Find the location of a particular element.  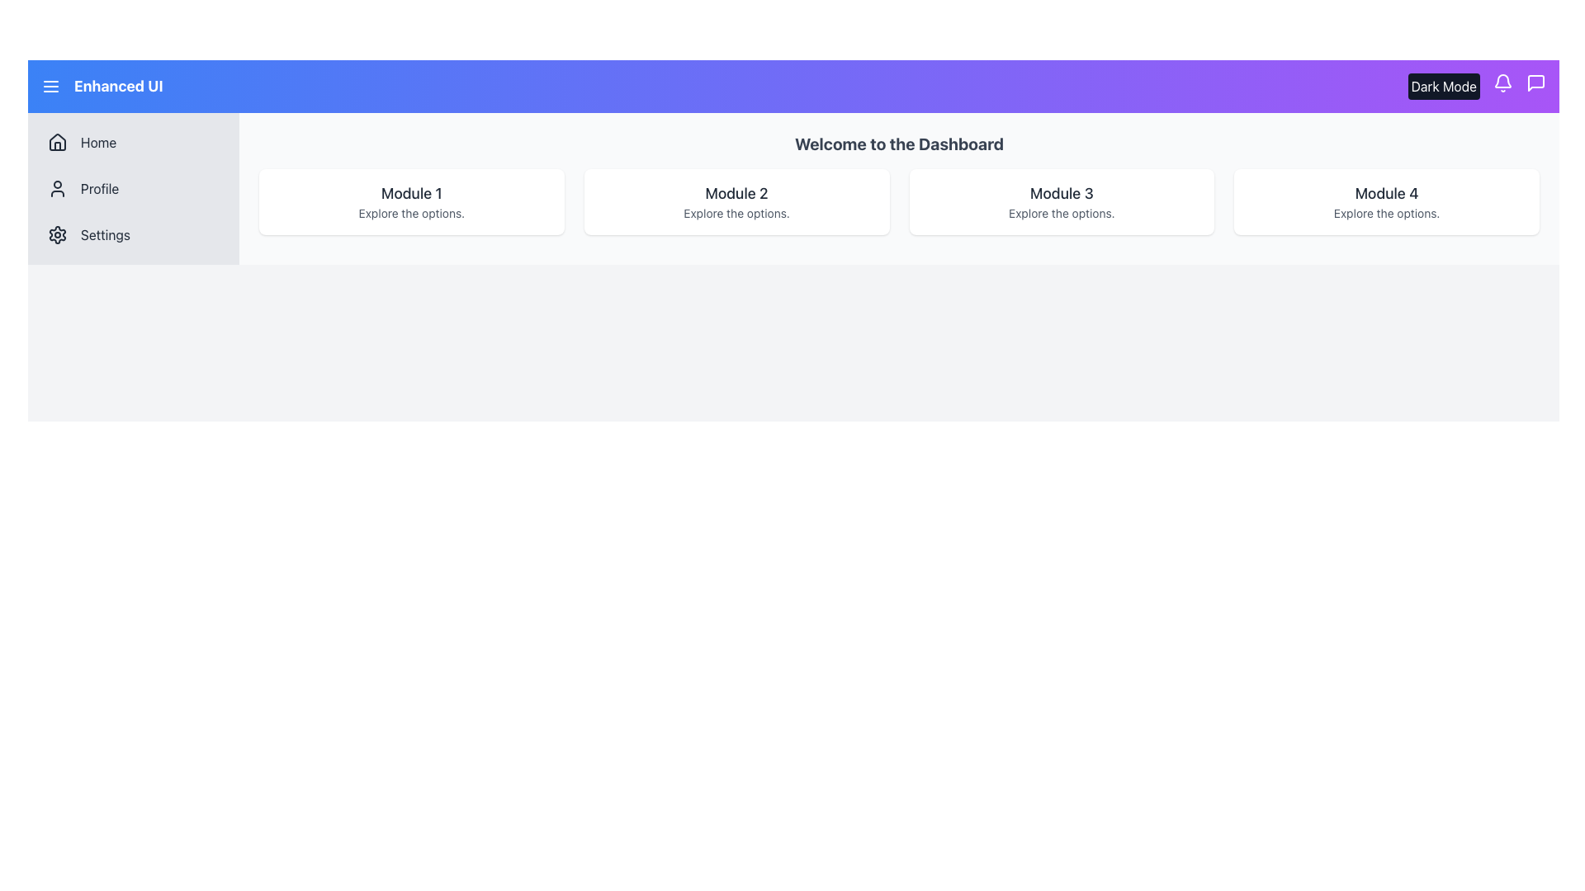

the 'Dark Mode' button located at the top-right corner of the interface is located at coordinates (1443, 86).